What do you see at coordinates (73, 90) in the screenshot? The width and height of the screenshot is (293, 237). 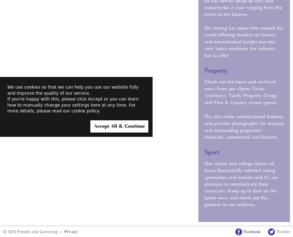 I see `'We use cookies so that we can help you use our website fully and improve the quality of our service.'` at bounding box center [73, 90].